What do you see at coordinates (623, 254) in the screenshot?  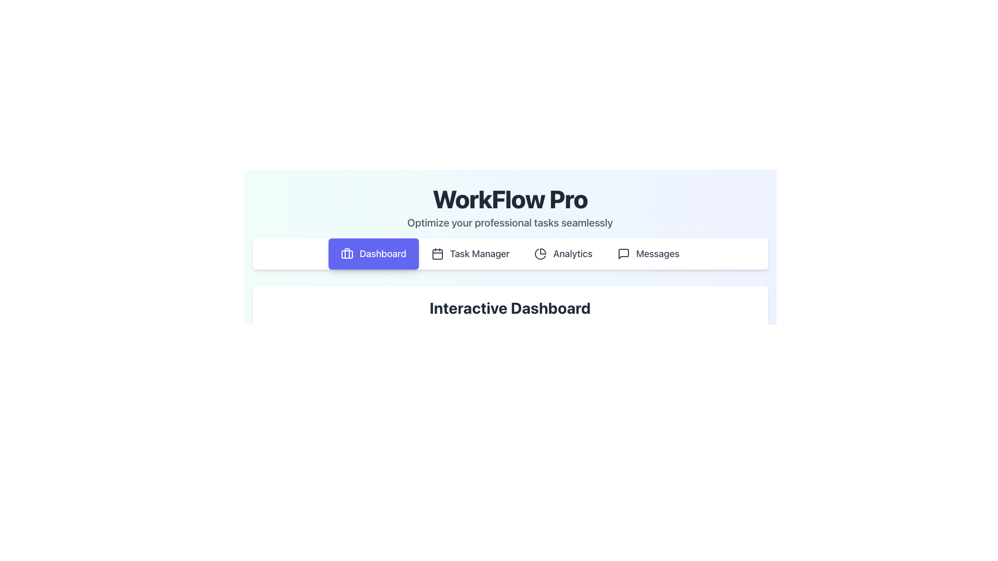 I see `the speech bubble icon in the Messages section of the navigation bar, which is located at the far right of the interface` at bounding box center [623, 254].